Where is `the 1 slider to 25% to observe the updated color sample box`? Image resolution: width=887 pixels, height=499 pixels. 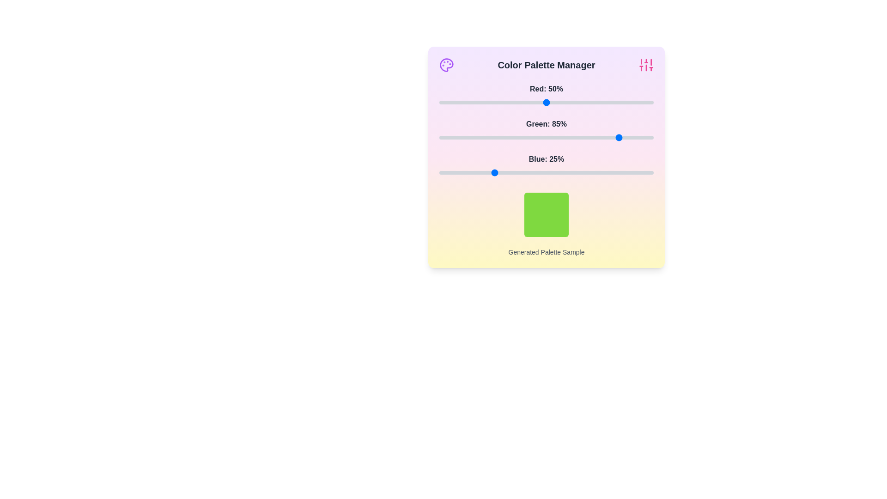 the 1 slider to 25% to observe the updated color sample box is located at coordinates (492, 137).